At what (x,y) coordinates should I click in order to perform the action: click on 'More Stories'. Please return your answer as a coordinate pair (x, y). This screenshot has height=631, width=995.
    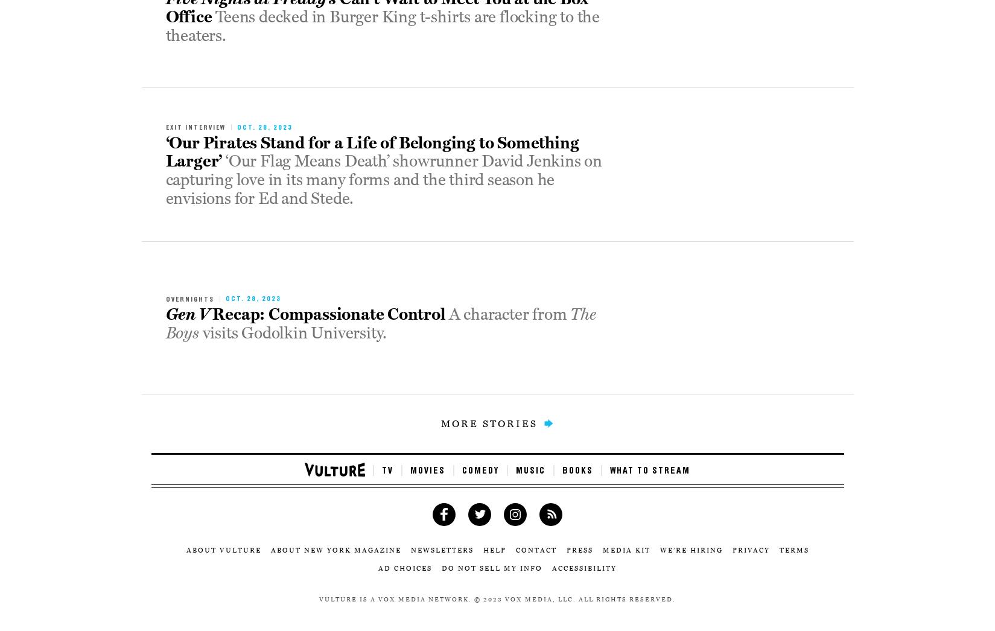
    Looking at the image, I should click on (489, 423).